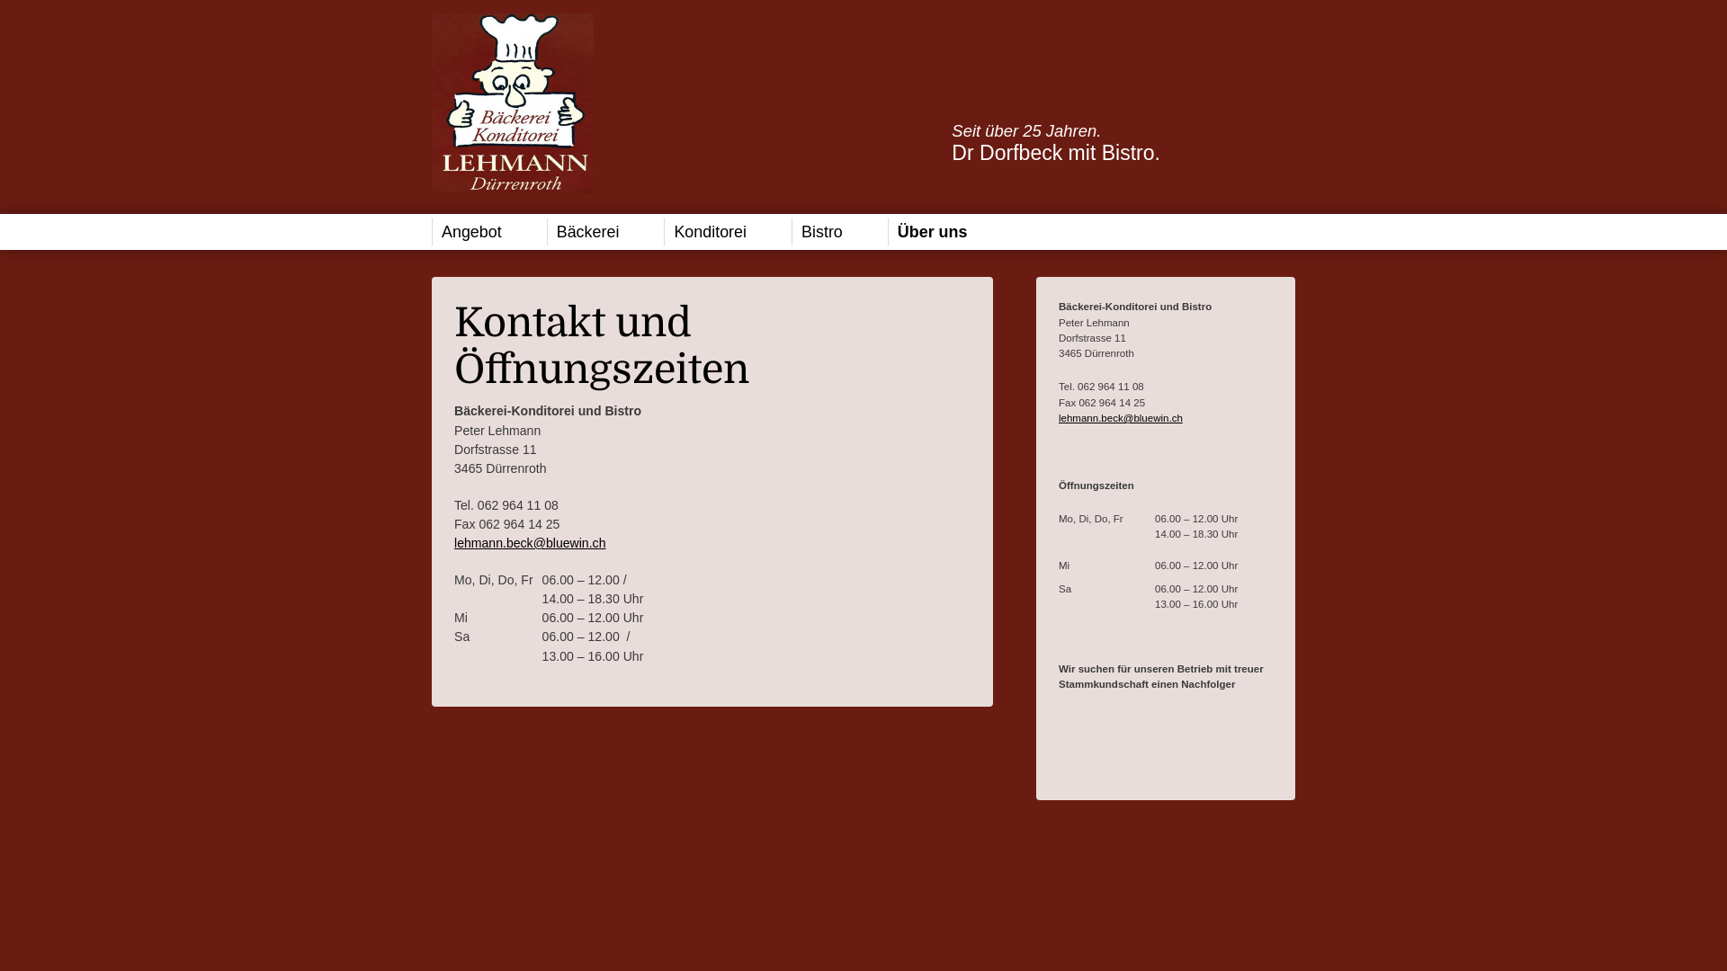  Describe the element at coordinates (529, 542) in the screenshot. I see `'lehmann.beck@bluewin.ch'` at that location.